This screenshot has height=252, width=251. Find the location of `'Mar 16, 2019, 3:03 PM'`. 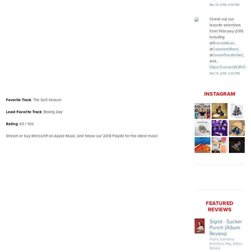

'Mar 16, 2019, 3:03 PM' is located at coordinates (224, 73).